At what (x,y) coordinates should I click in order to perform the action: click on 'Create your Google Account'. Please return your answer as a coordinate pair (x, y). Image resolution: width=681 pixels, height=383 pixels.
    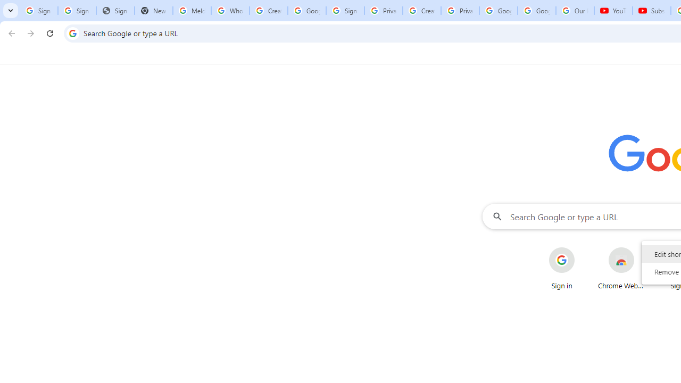
    Looking at the image, I should click on (421, 11).